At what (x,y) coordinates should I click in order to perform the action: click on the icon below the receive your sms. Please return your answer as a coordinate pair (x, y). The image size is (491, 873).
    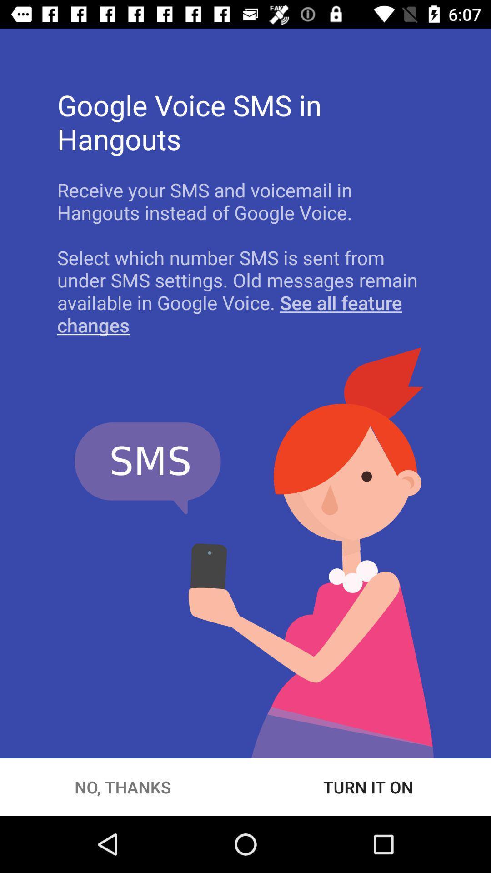
    Looking at the image, I should click on (245, 291).